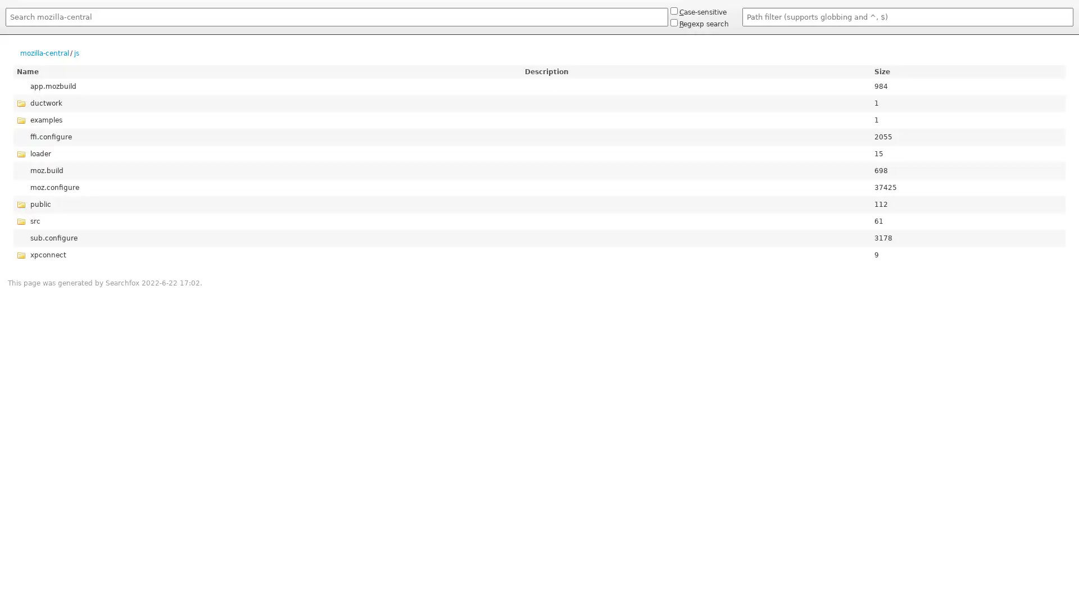 This screenshot has width=1079, height=607. I want to click on Search, so click(5, 28).